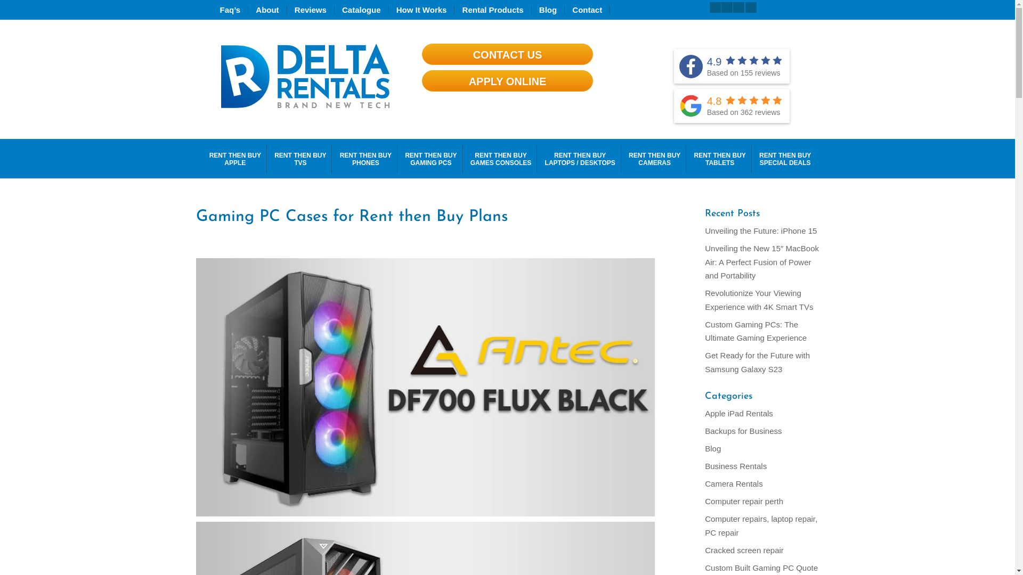 This screenshot has width=1023, height=575. I want to click on 'Apple iPad Rentals', so click(738, 413).